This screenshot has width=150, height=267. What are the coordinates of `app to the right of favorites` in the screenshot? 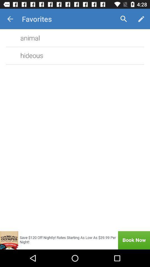 It's located at (124, 19).